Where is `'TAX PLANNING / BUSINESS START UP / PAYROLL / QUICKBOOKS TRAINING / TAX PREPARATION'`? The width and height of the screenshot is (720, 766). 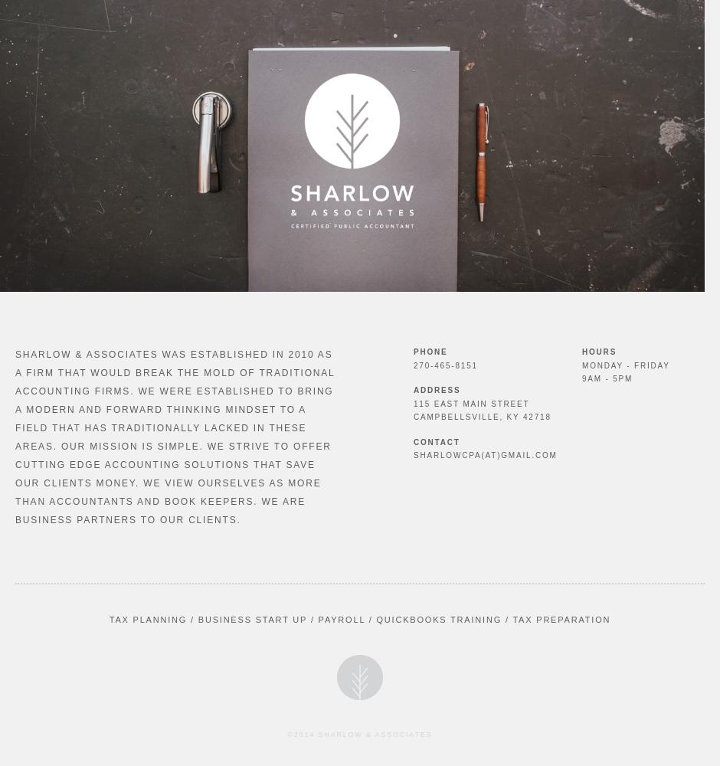
'TAX PLANNING / BUSINESS START UP / PAYROLL / QUICKBOOKS TRAINING / TAX PREPARATION' is located at coordinates (358, 620).